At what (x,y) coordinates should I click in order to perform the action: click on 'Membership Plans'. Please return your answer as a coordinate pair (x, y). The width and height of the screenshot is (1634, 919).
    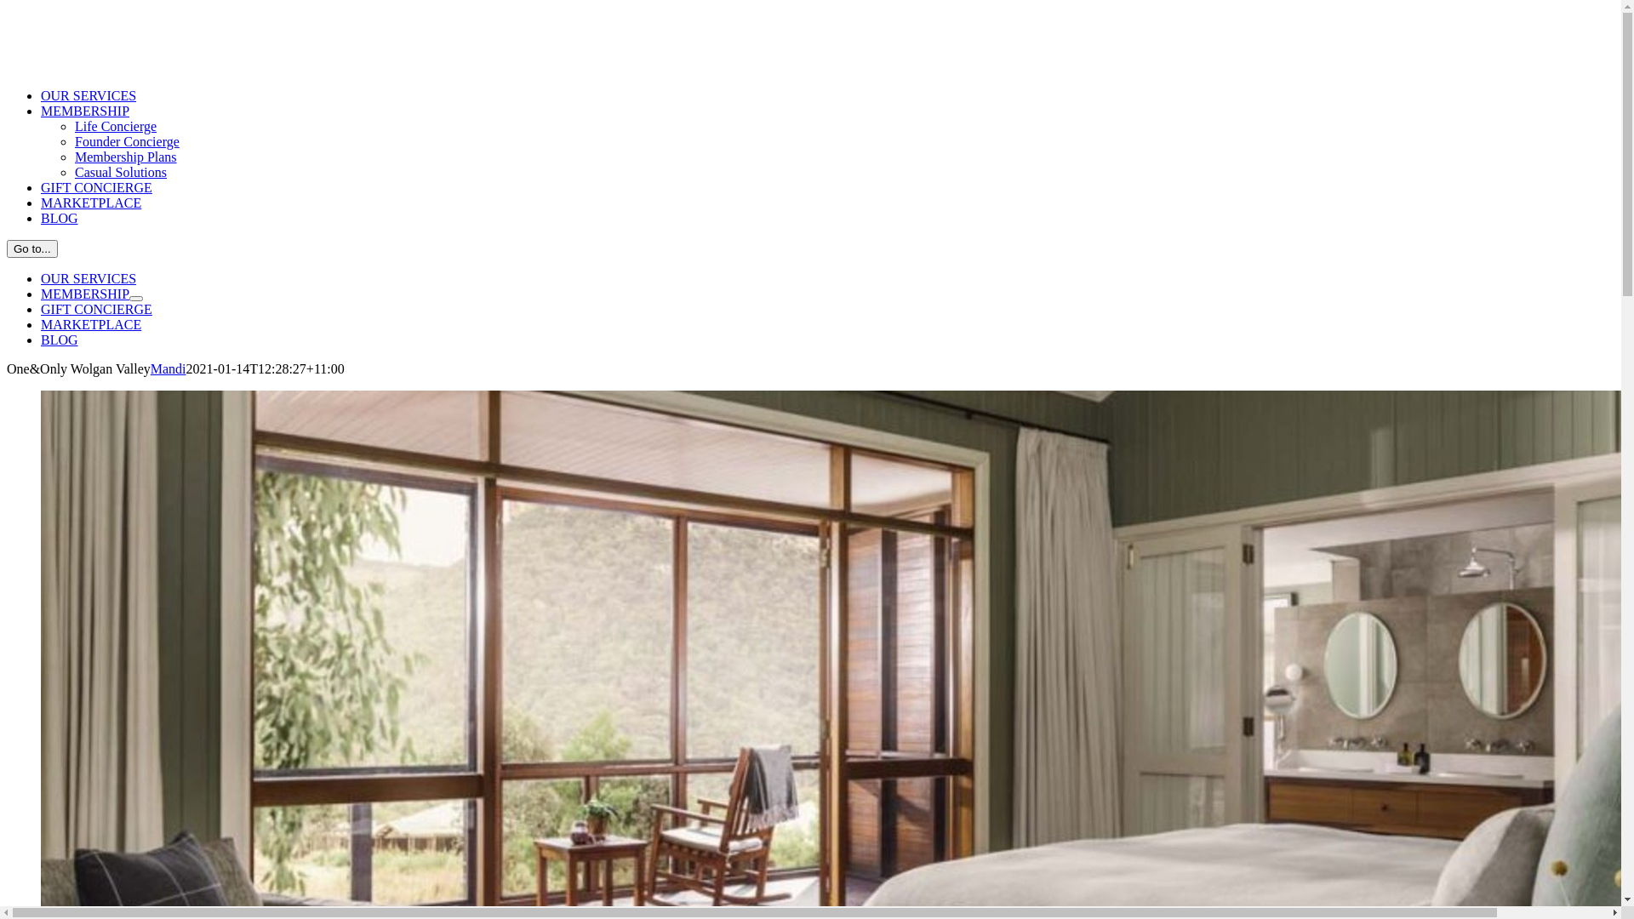
    Looking at the image, I should click on (73, 157).